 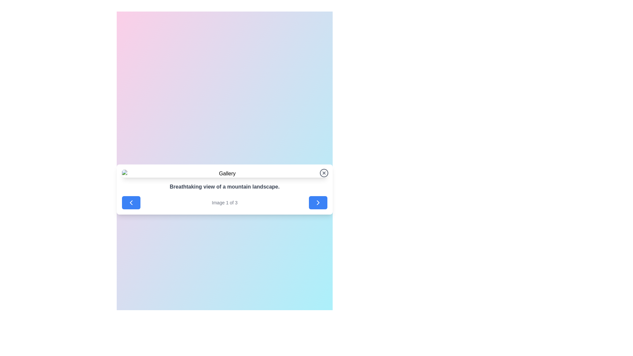 I want to click on the text label displaying 'Image 1 of 3', which is styled with a small-sized gray font and is centered within the gallery navigation section, so click(x=225, y=202).